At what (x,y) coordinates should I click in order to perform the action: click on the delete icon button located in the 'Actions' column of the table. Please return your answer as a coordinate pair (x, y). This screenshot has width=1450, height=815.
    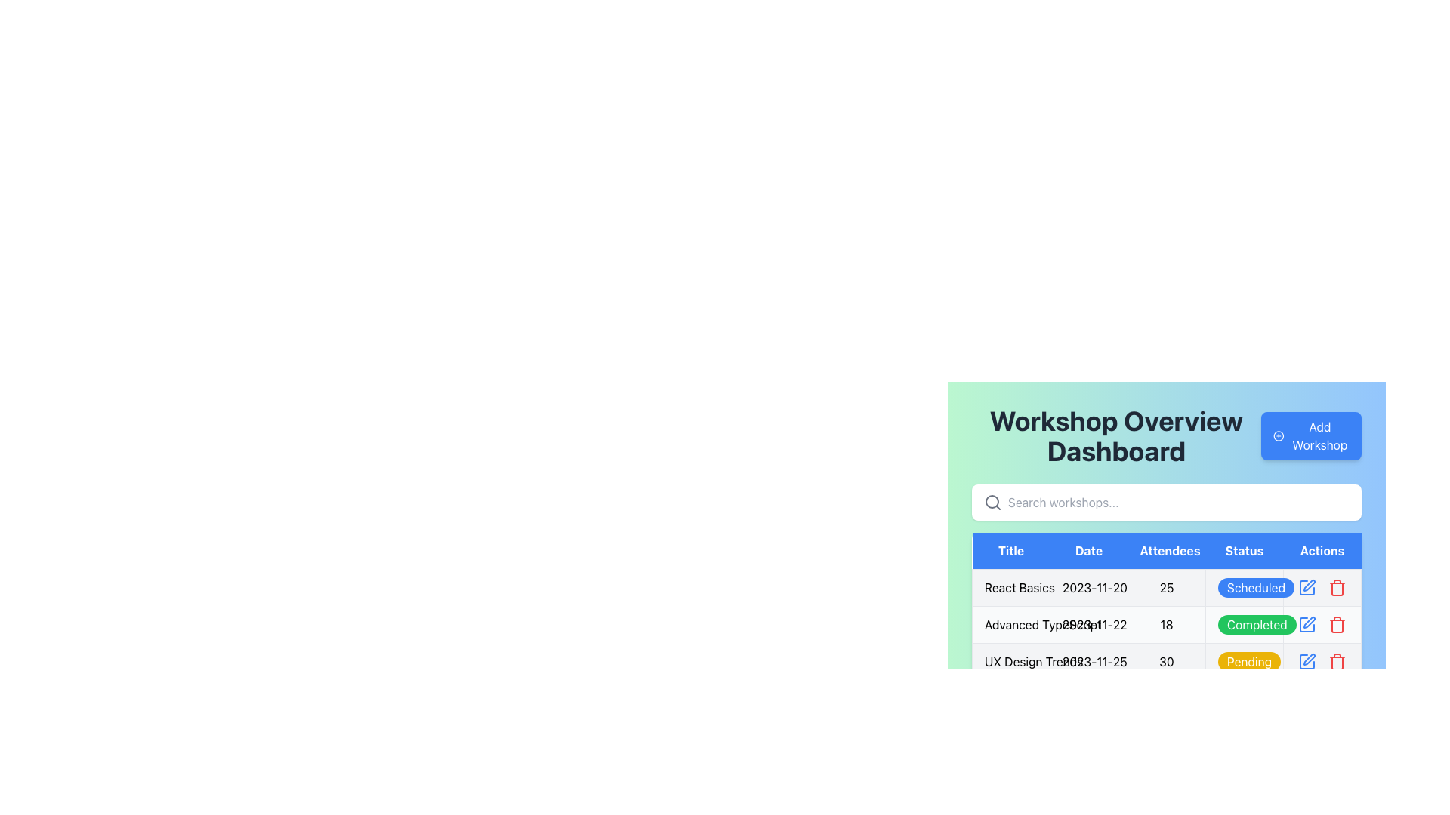
    Looking at the image, I should click on (1337, 625).